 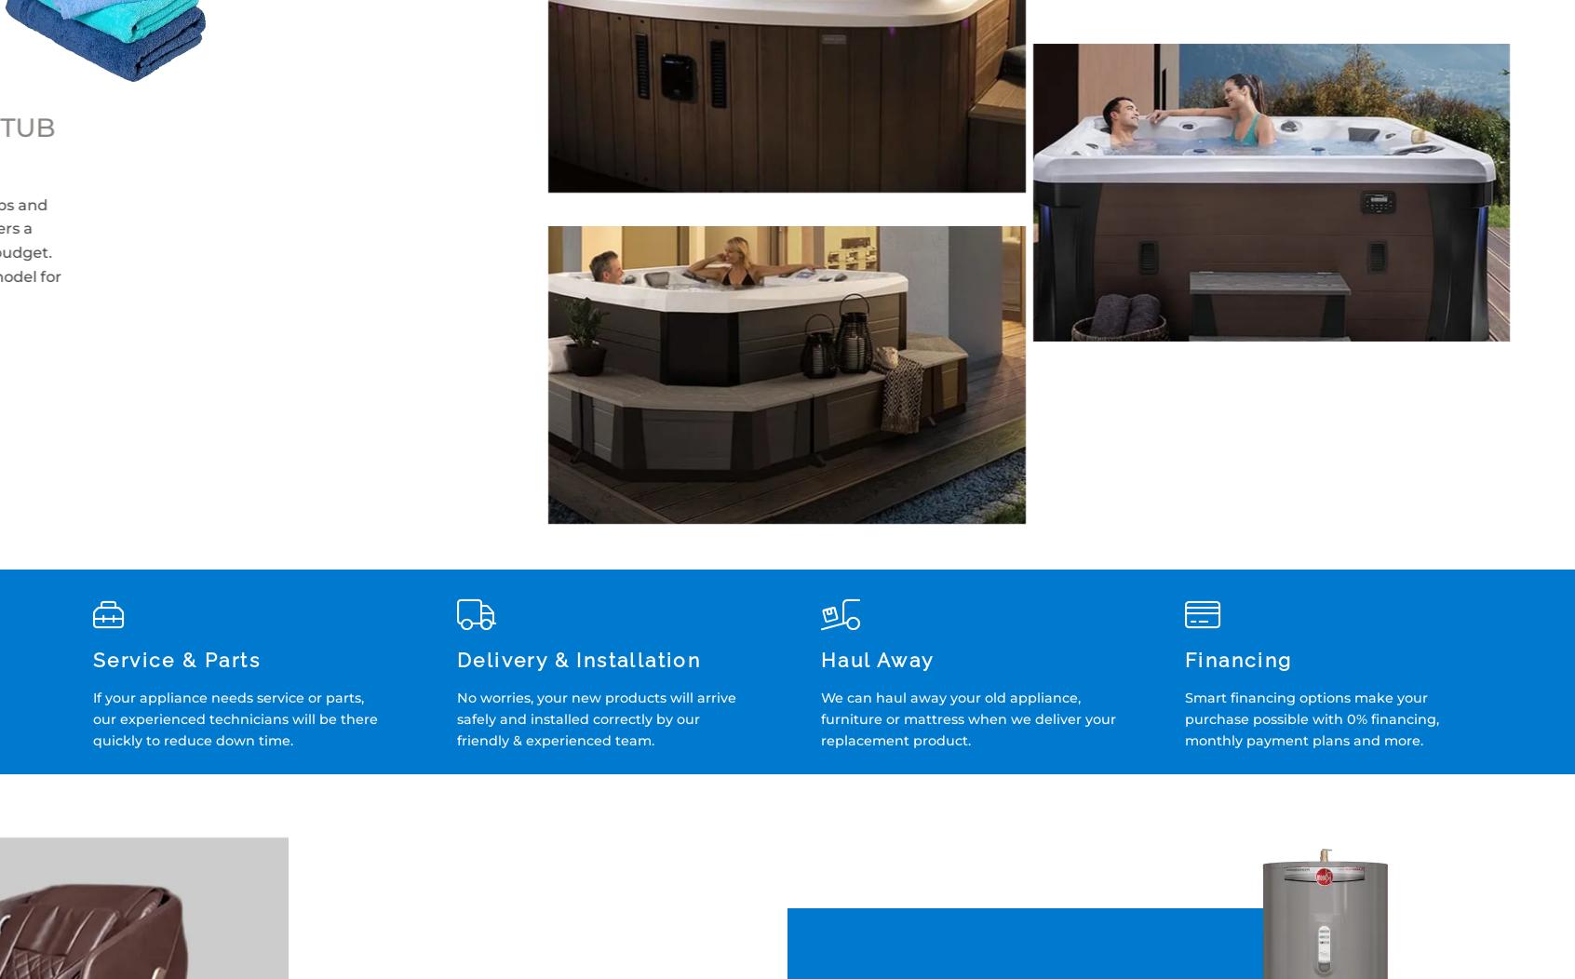 I want to click on 'Haul Away', so click(x=877, y=660).